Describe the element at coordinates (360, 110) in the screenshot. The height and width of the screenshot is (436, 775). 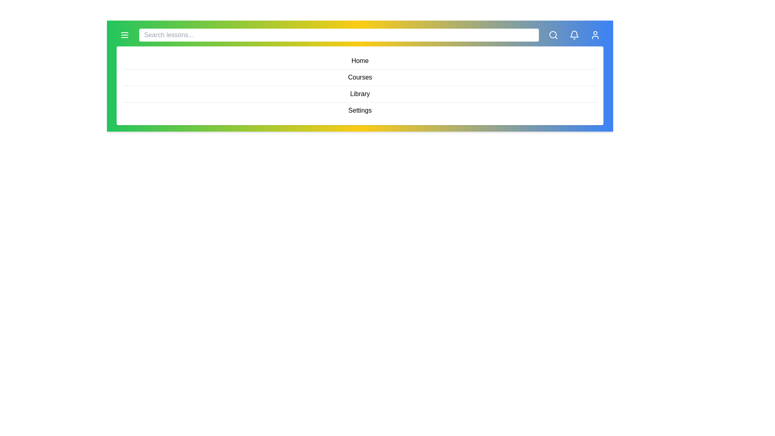
I see `the menu item Settings from the displayed menu` at that location.